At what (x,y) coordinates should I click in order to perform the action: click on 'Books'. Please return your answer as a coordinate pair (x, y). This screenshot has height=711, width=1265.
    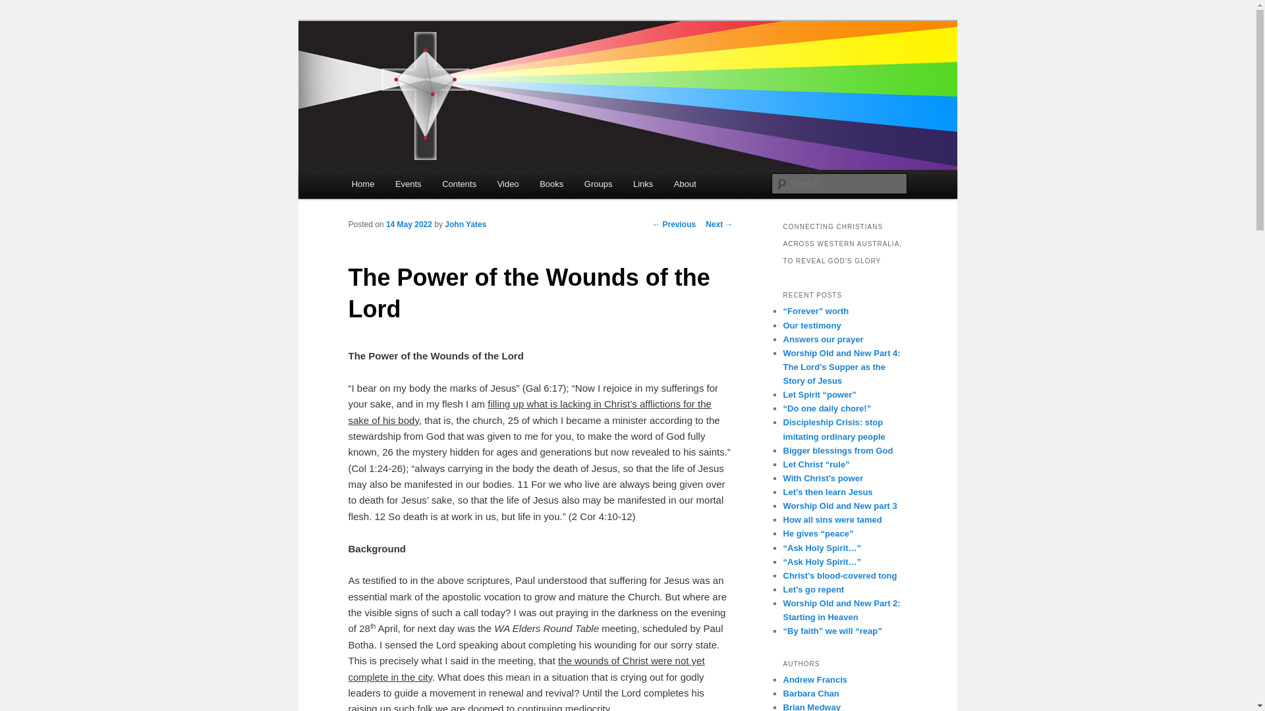
    Looking at the image, I should click on (551, 184).